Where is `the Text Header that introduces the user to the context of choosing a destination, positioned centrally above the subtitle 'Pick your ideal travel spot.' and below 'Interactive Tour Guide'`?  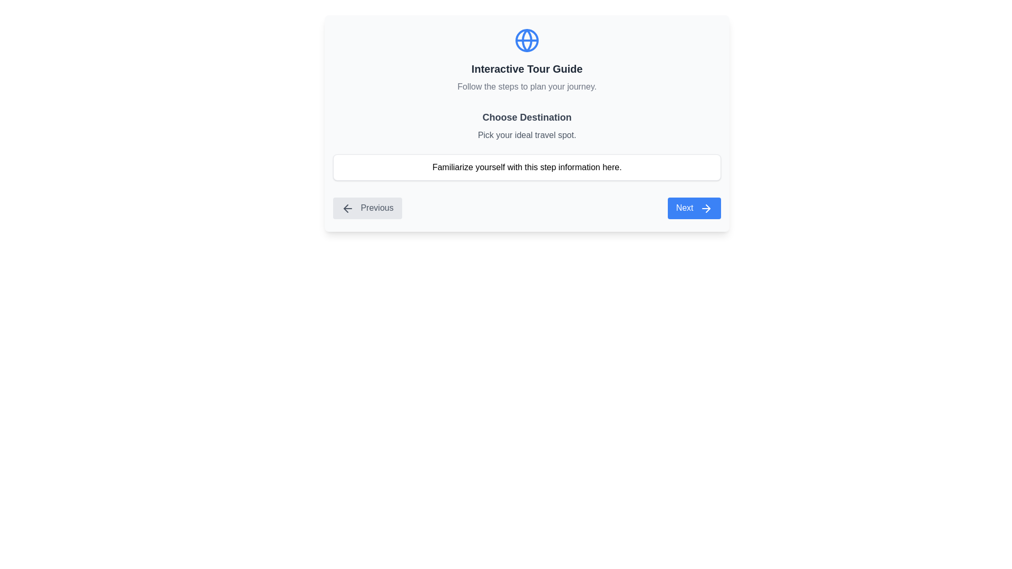 the Text Header that introduces the user to the context of choosing a destination, positioned centrally above the subtitle 'Pick your ideal travel spot.' and below 'Interactive Tour Guide' is located at coordinates (527, 117).